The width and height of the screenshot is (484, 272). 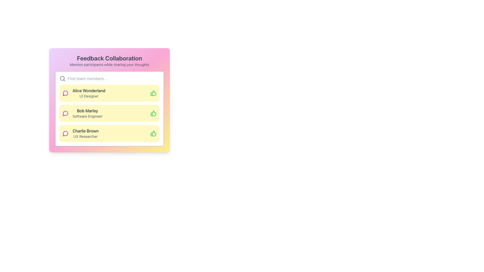 What do you see at coordinates (65, 113) in the screenshot?
I see `the lower-left part of the SVG graphic representing a message bubble, which is adjacent to the name 'Bob Marley' in the feedback collaboration component` at bounding box center [65, 113].